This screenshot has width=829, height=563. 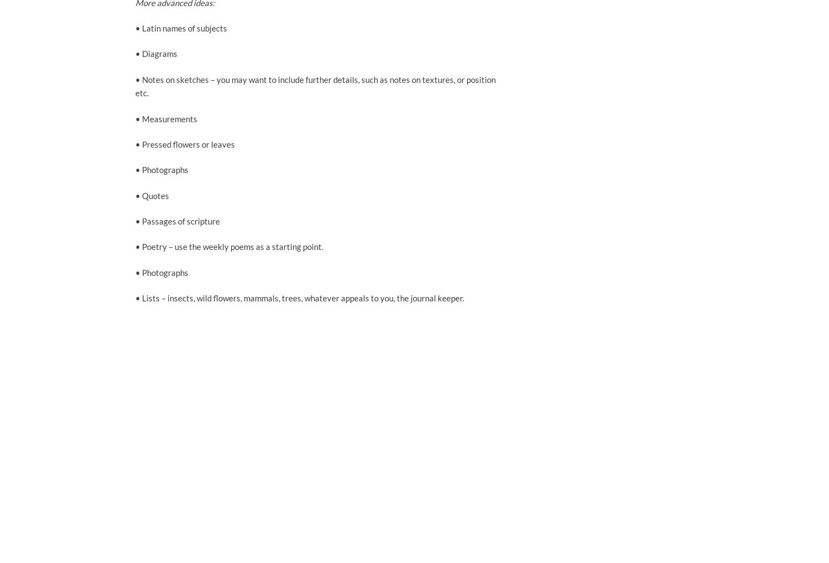 I want to click on '• Pressed flowers or leaves', so click(x=184, y=143).